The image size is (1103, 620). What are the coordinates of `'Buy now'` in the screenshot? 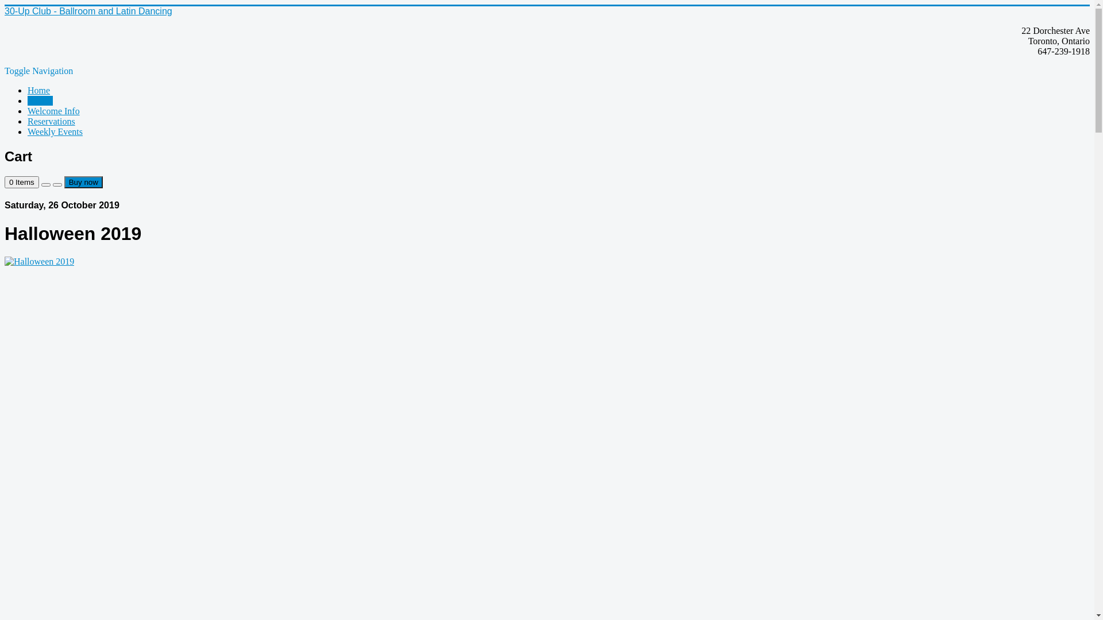 It's located at (83, 181).